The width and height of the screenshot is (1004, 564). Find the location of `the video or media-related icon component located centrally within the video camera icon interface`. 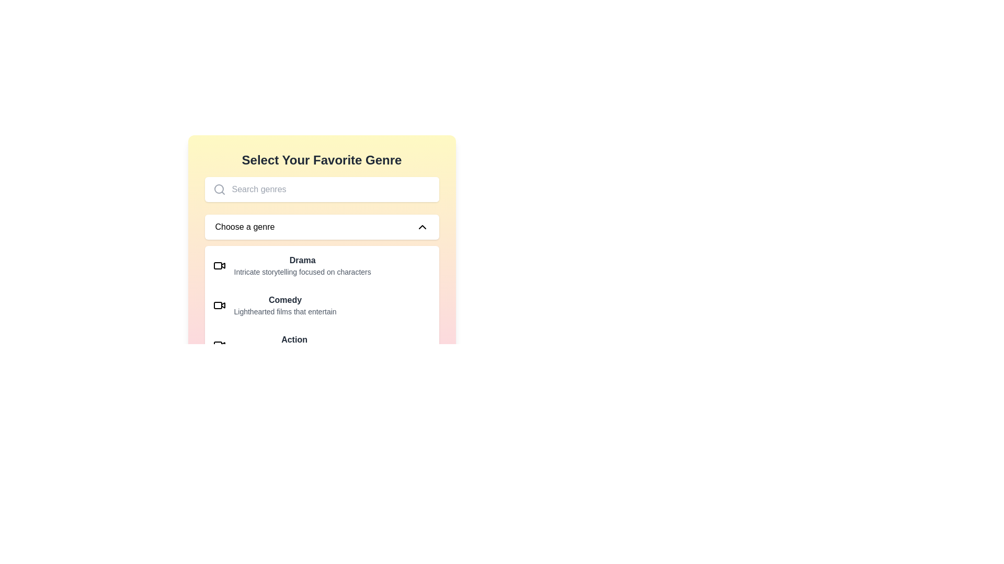

the video or media-related icon component located centrally within the video camera icon interface is located at coordinates (217, 305).